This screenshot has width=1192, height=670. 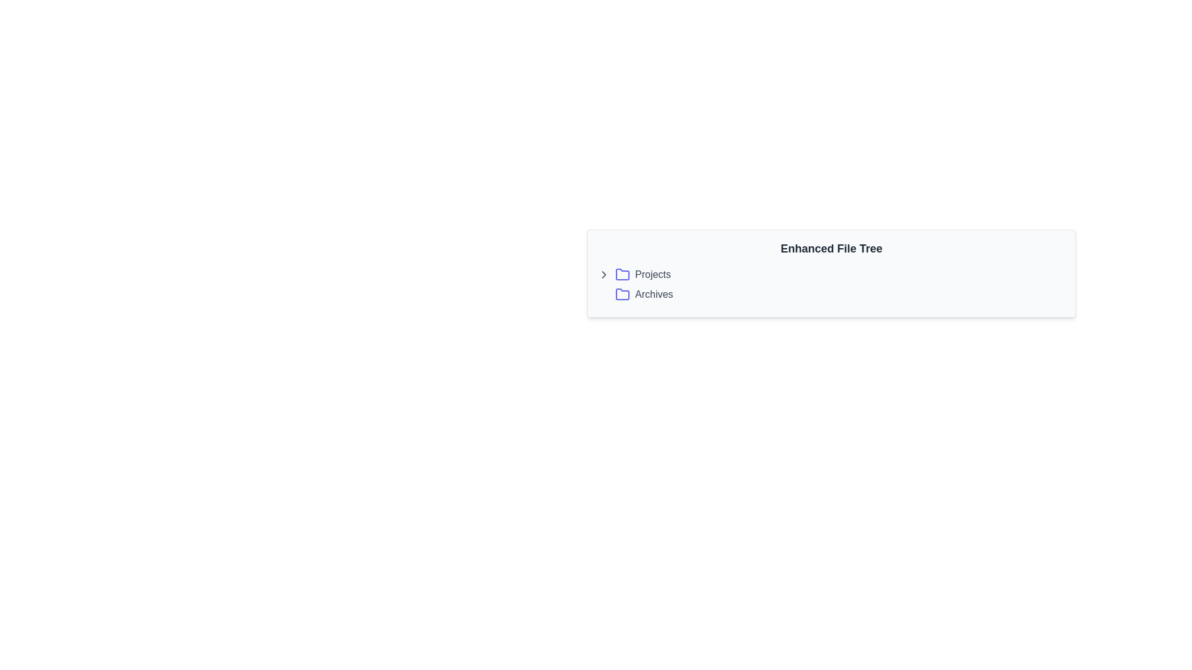 What do you see at coordinates (623, 274) in the screenshot?
I see `the folder icon in the 'Projects' row of the file tree interface, which is styled with blue strokes and rounded corners, located between a chevron icon and the text label 'Projects'` at bounding box center [623, 274].